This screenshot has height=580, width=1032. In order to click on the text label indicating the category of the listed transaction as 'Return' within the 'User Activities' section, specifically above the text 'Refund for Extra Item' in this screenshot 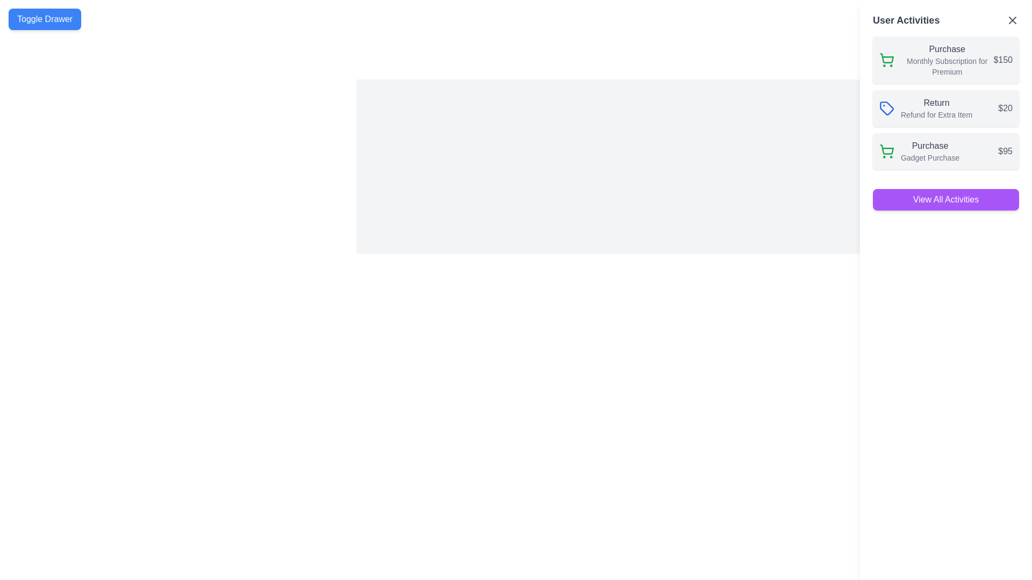, I will do `click(936, 103)`.